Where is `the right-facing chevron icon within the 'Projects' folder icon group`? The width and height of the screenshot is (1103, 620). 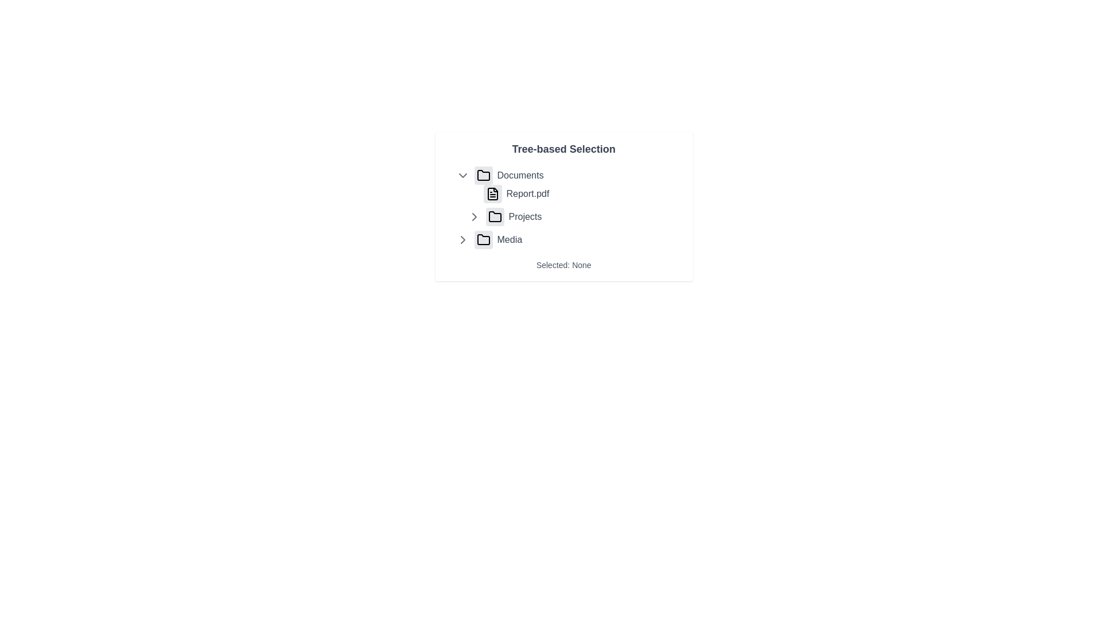 the right-facing chevron icon within the 'Projects' folder icon group is located at coordinates (474, 217).